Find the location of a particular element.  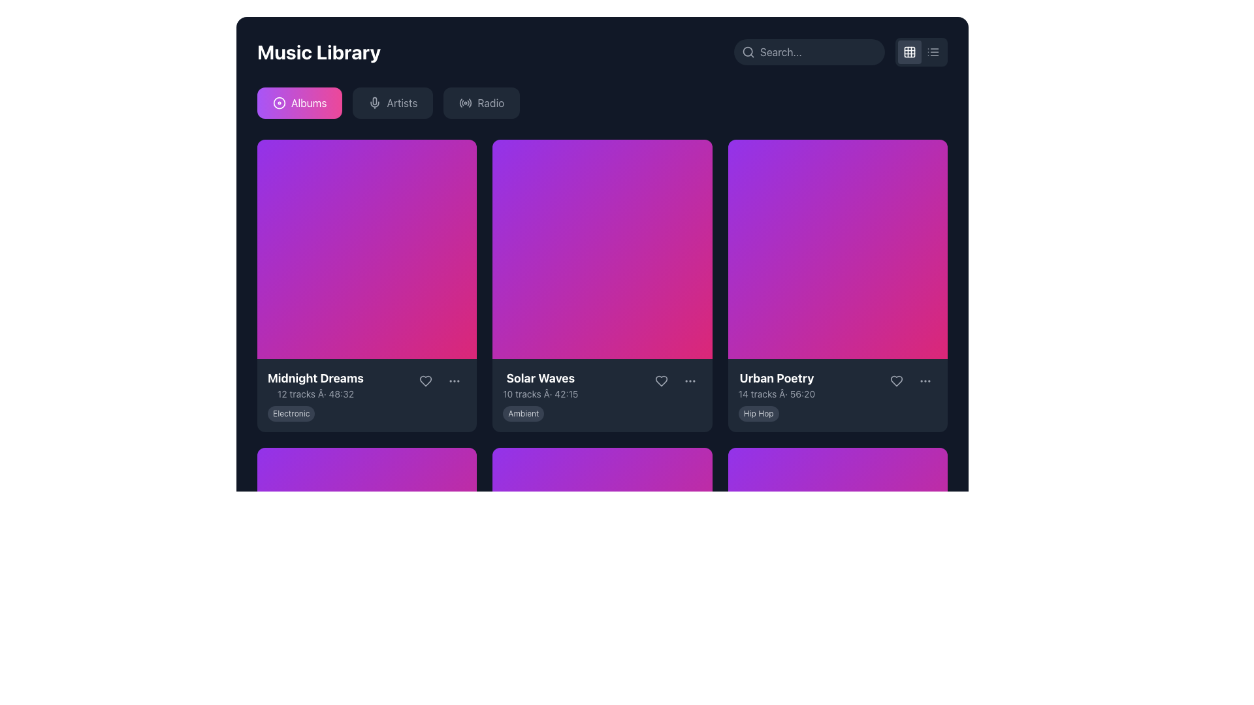

the vertically-aligned ellipsis icon at the bottom-right corner of the 'Midnight Dreams' card is located at coordinates (455, 381).